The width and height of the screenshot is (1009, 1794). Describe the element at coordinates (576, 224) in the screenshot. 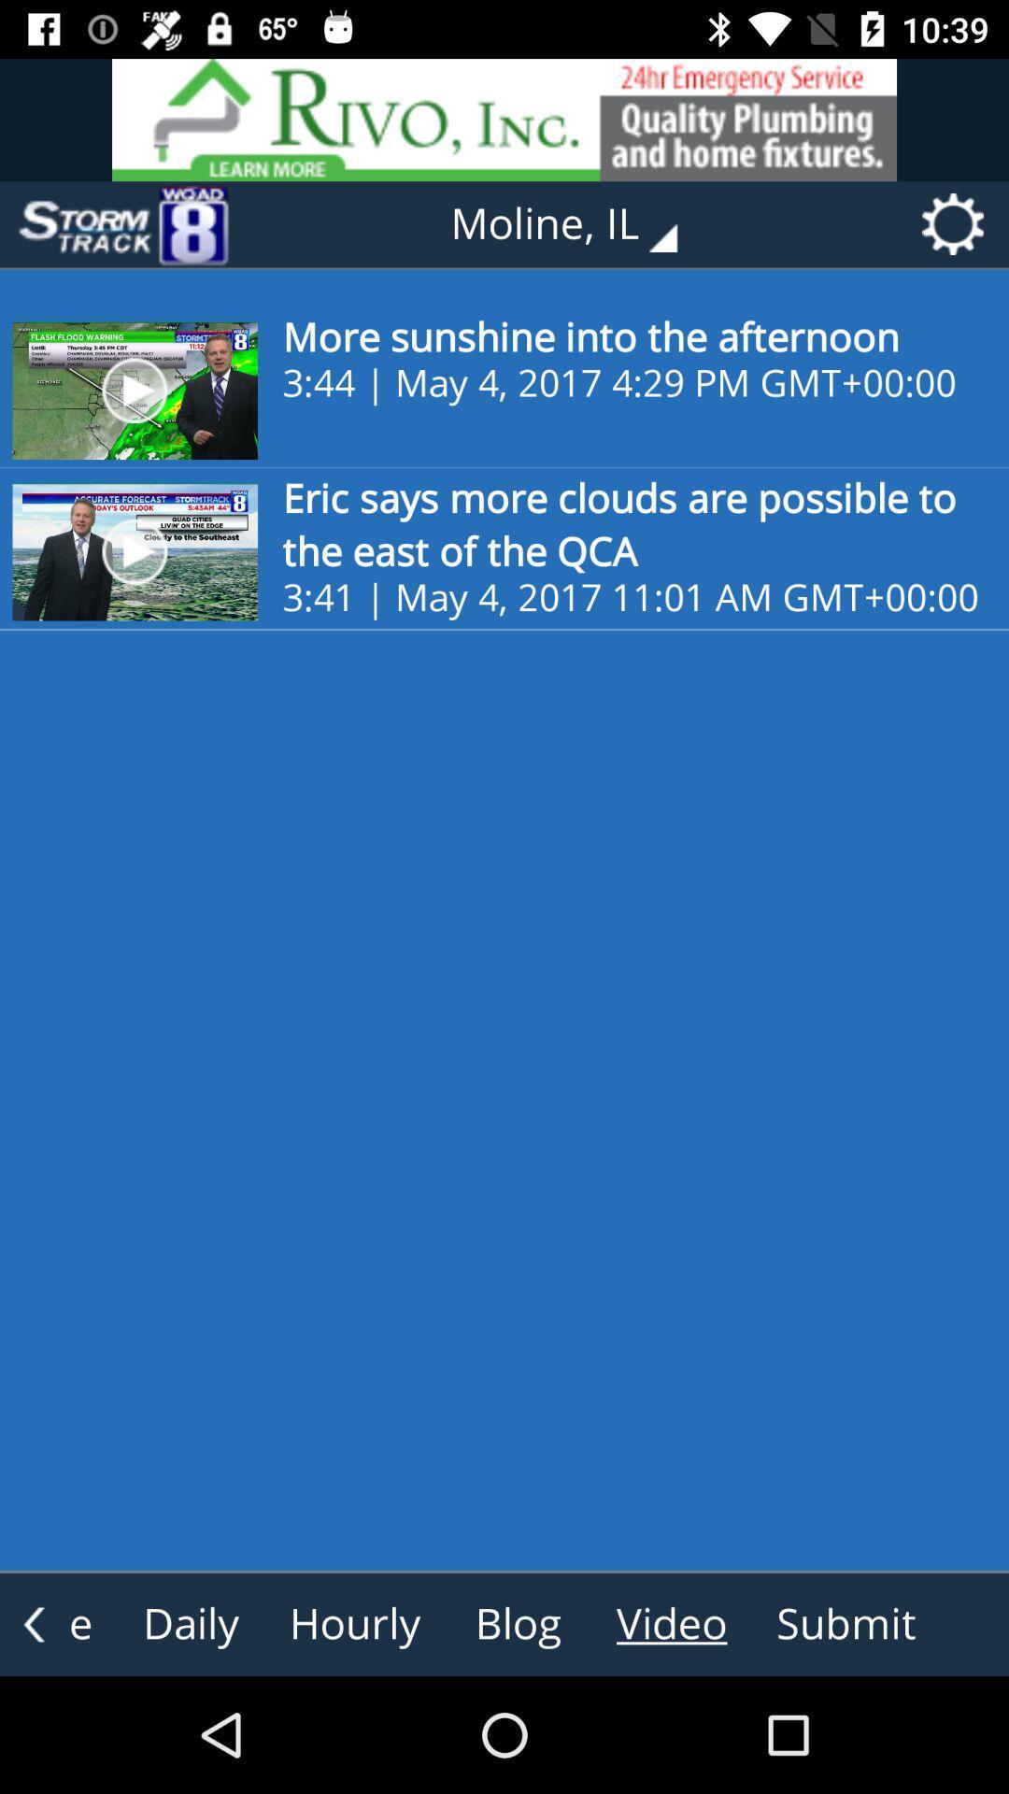

I see `moline, il` at that location.